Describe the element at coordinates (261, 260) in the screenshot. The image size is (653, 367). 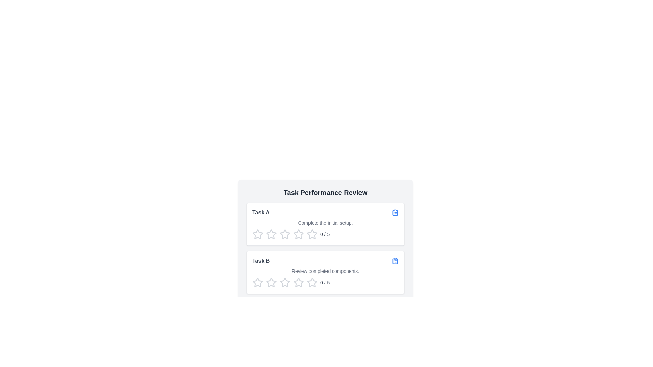
I see `the text label that serves as a title for the second task in the task performance review interface, located on the left side of its row` at that location.